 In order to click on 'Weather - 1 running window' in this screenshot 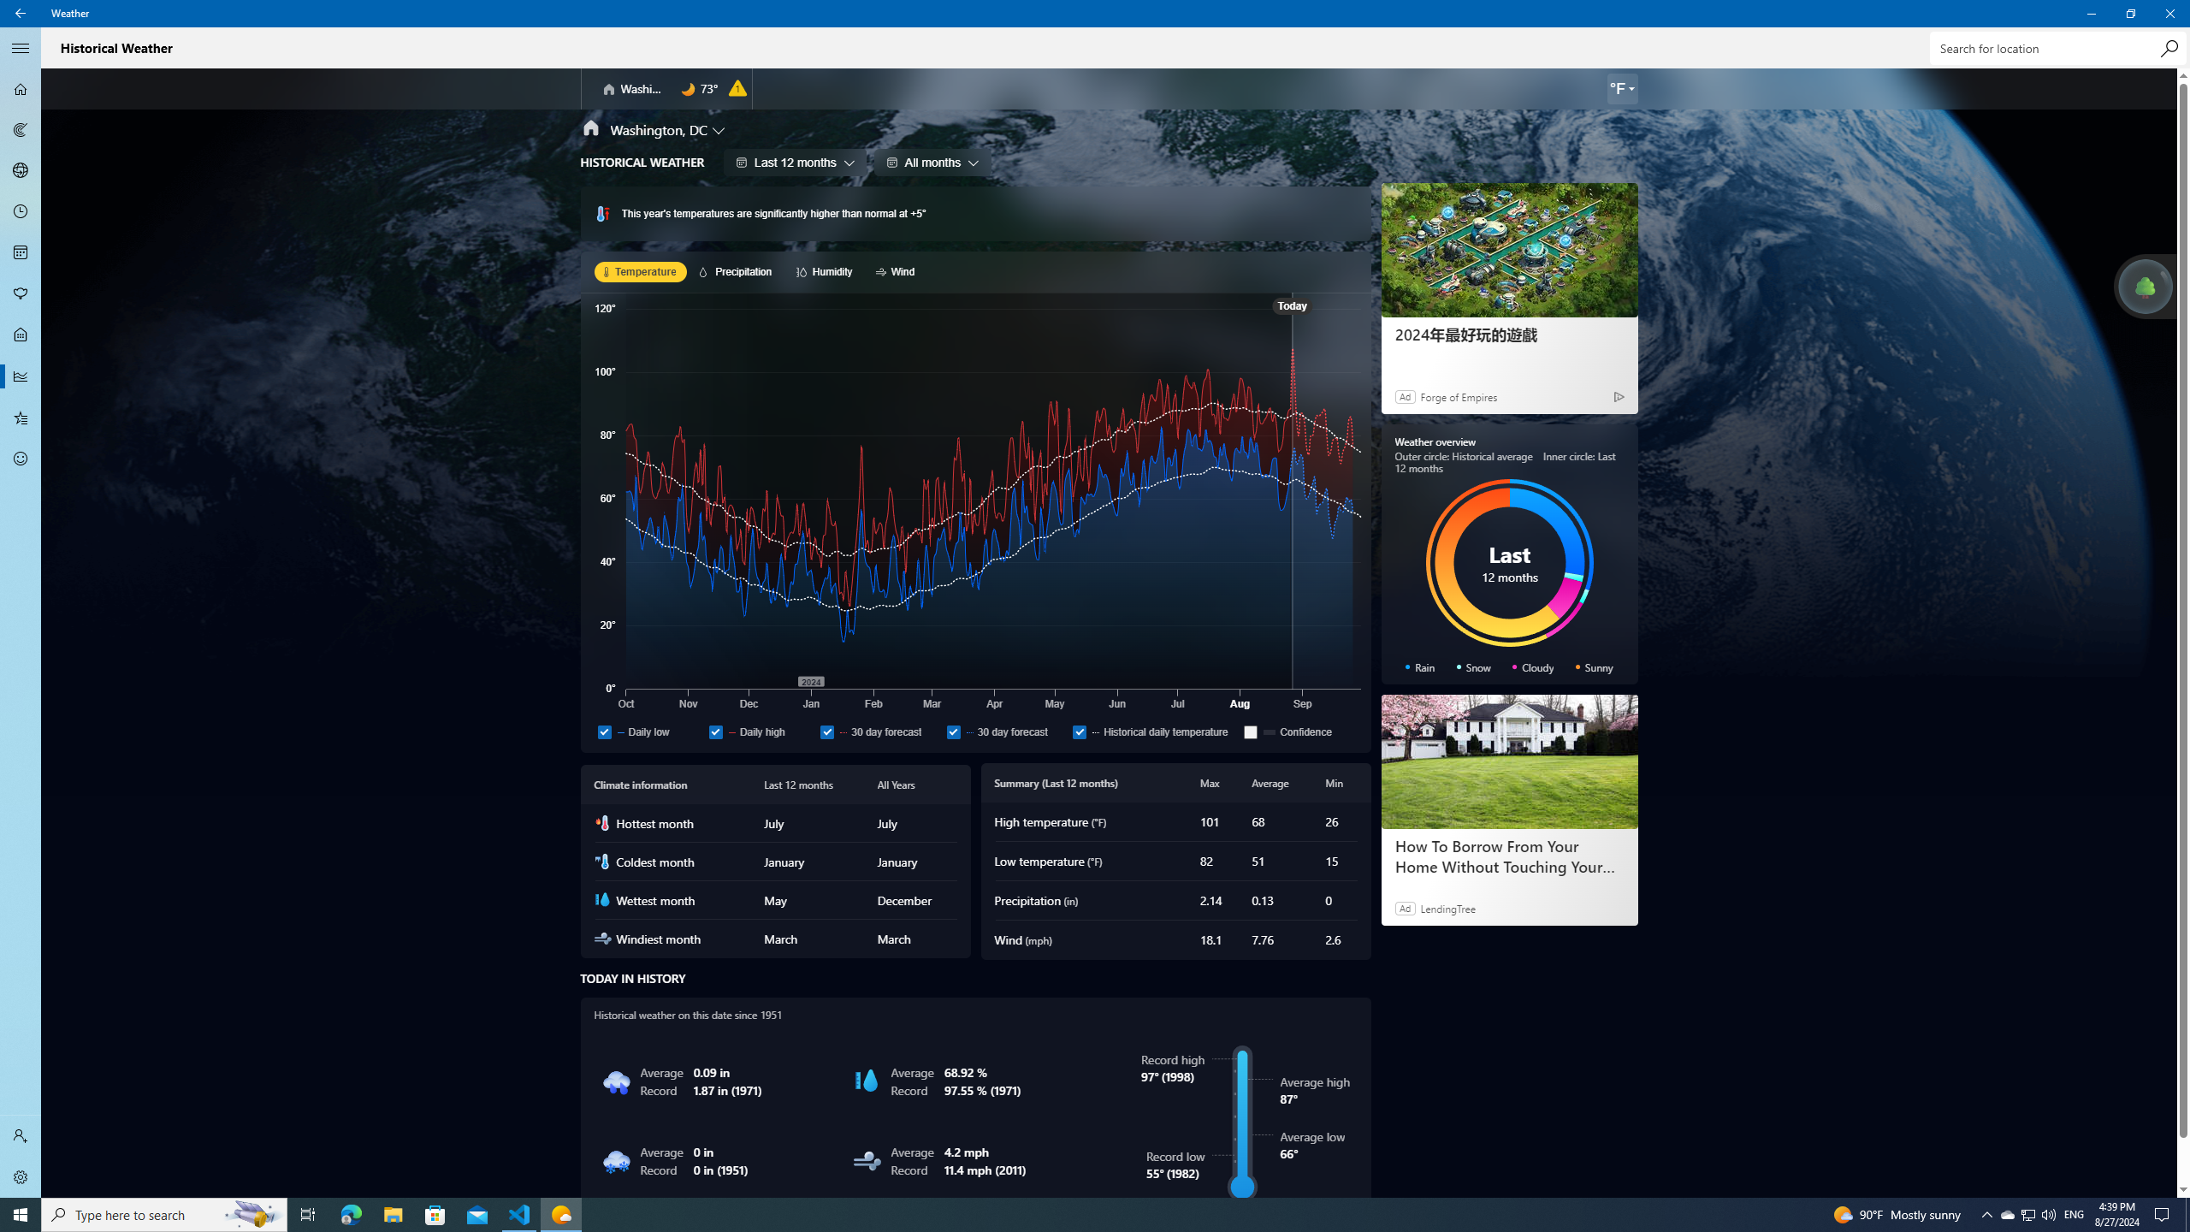, I will do `click(561, 1213)`.